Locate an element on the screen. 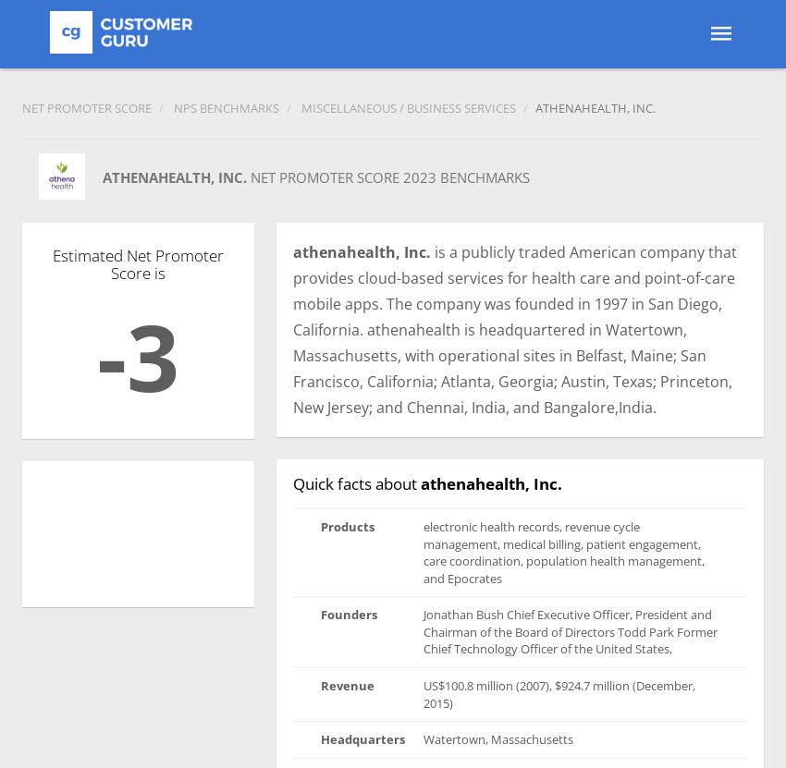 This screenshot has height=768, width=786. 'Jonathan Bush Chief Executive Officer, President and Chairman of the Board of Directors
Todd Park Former Chief Technology Officer of the United States,' is located at coordinates (570, 631).